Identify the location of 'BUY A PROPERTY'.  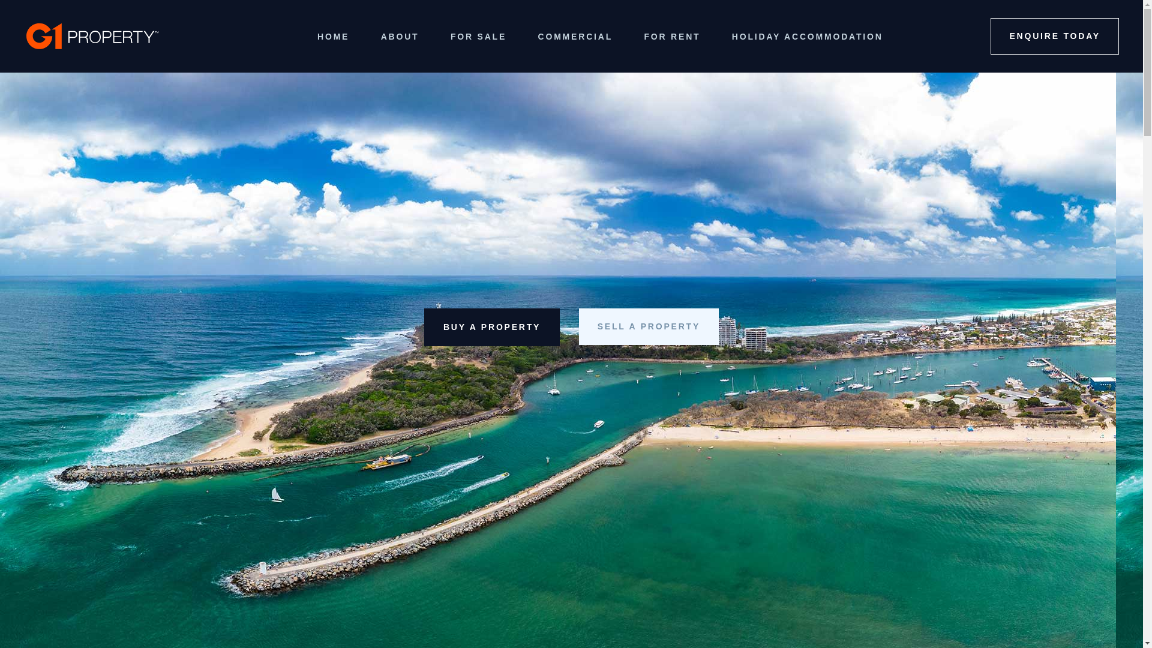
(424, 327).